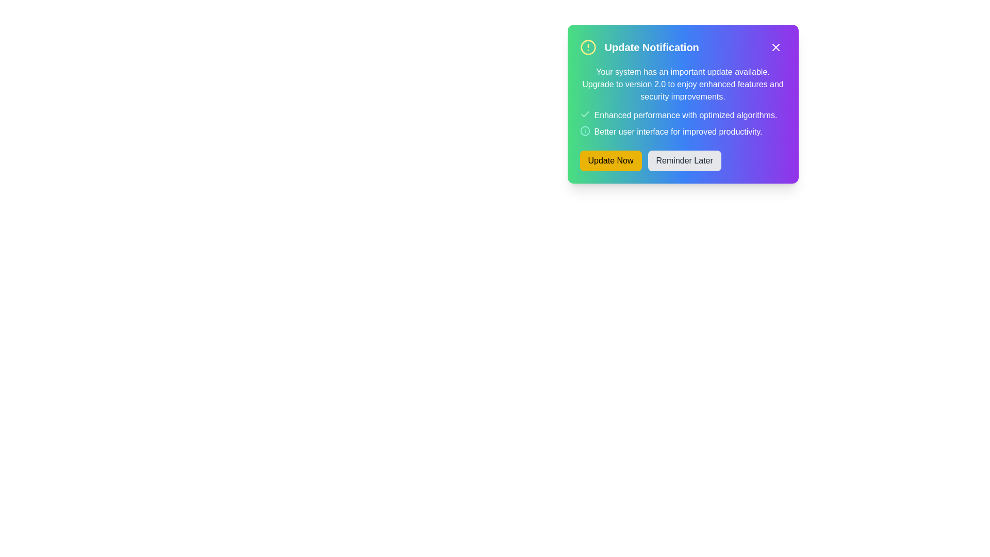 This screenshot has width=990, height=557. I want to click on the text 'Better user interface for improved productivity.' with an accompanying info icon in the update notification dialog to associate the feature described with the update context, so click(683, 131).